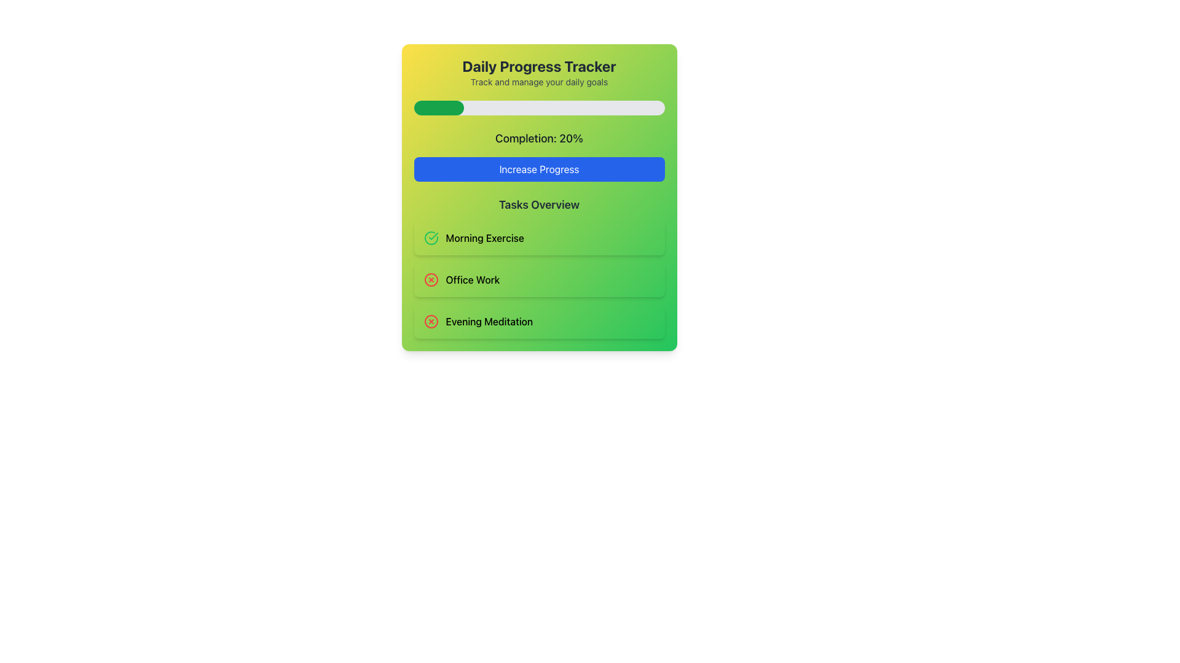  I want to click on the button that increases the user's progress percentage, located centrally below the 'Completion: 20%' text and the progress bar, to observe a style change, so click(539, 169).